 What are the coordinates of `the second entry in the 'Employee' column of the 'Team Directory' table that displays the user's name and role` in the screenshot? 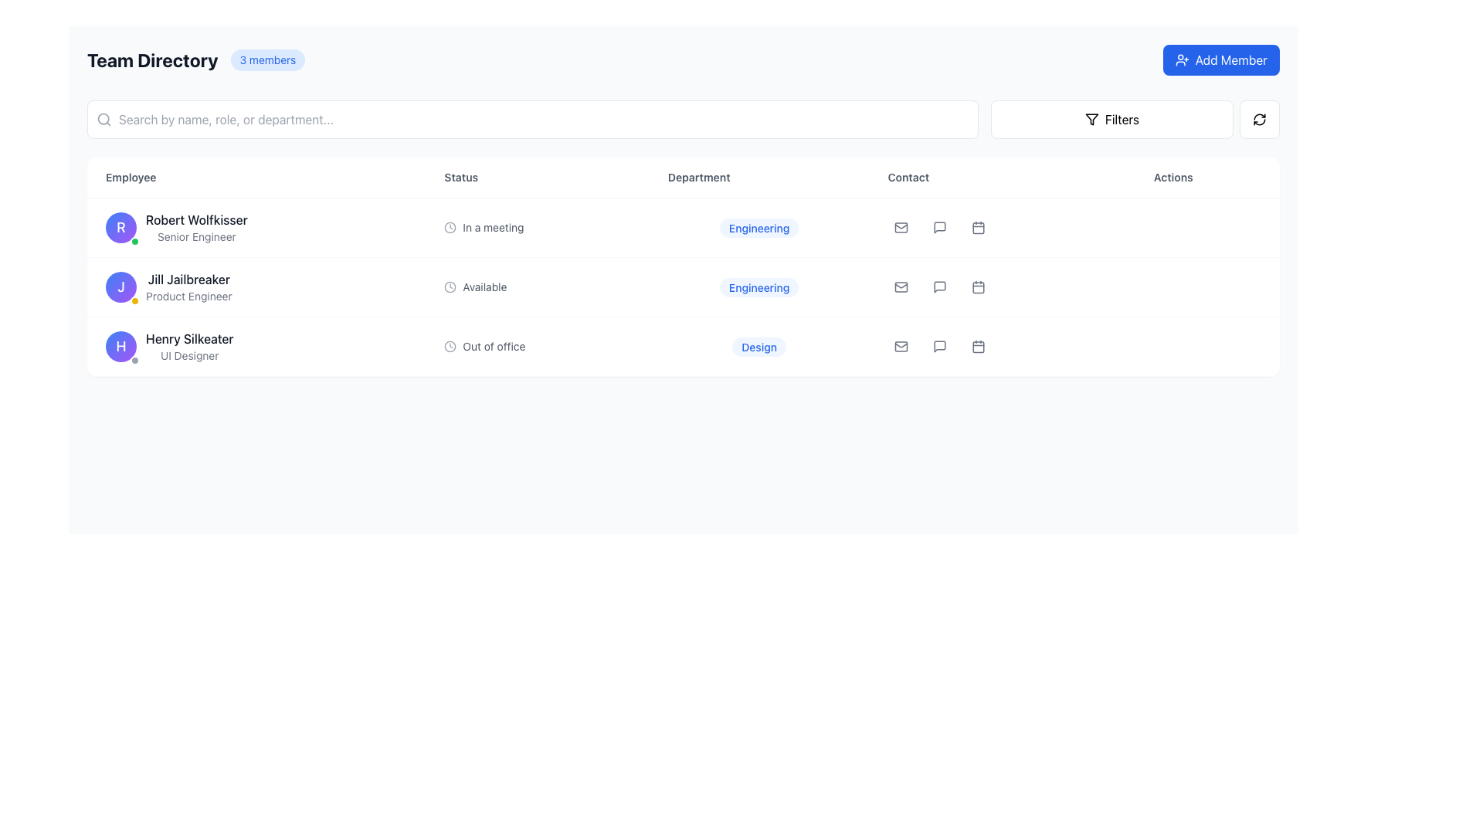 It's located at (256, 286).